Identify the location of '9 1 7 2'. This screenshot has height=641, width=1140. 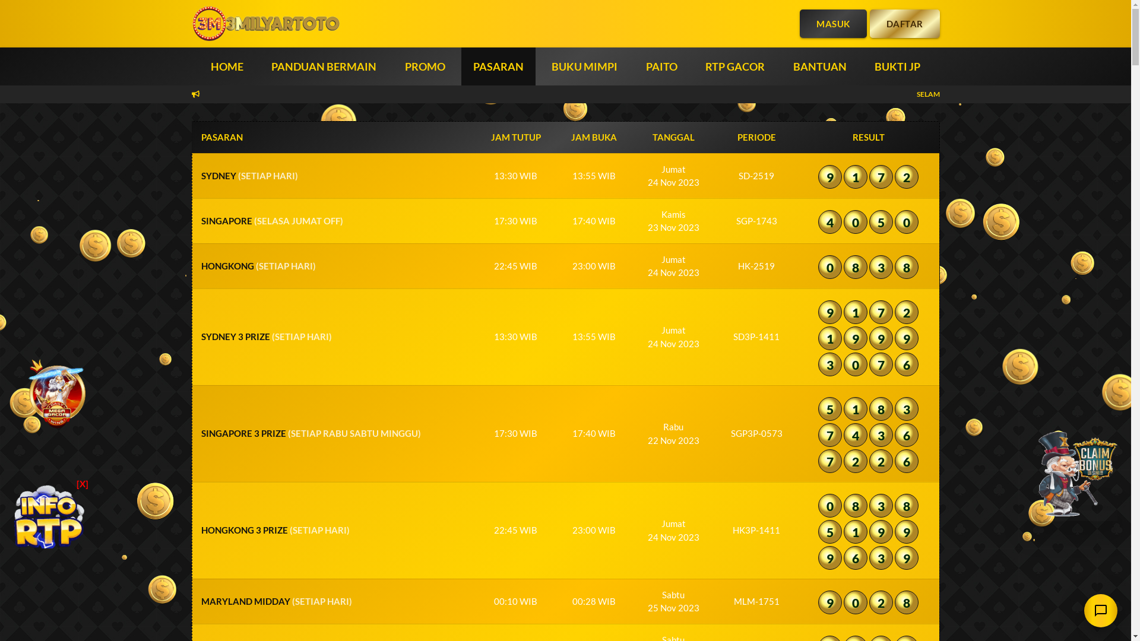
(868, 178).